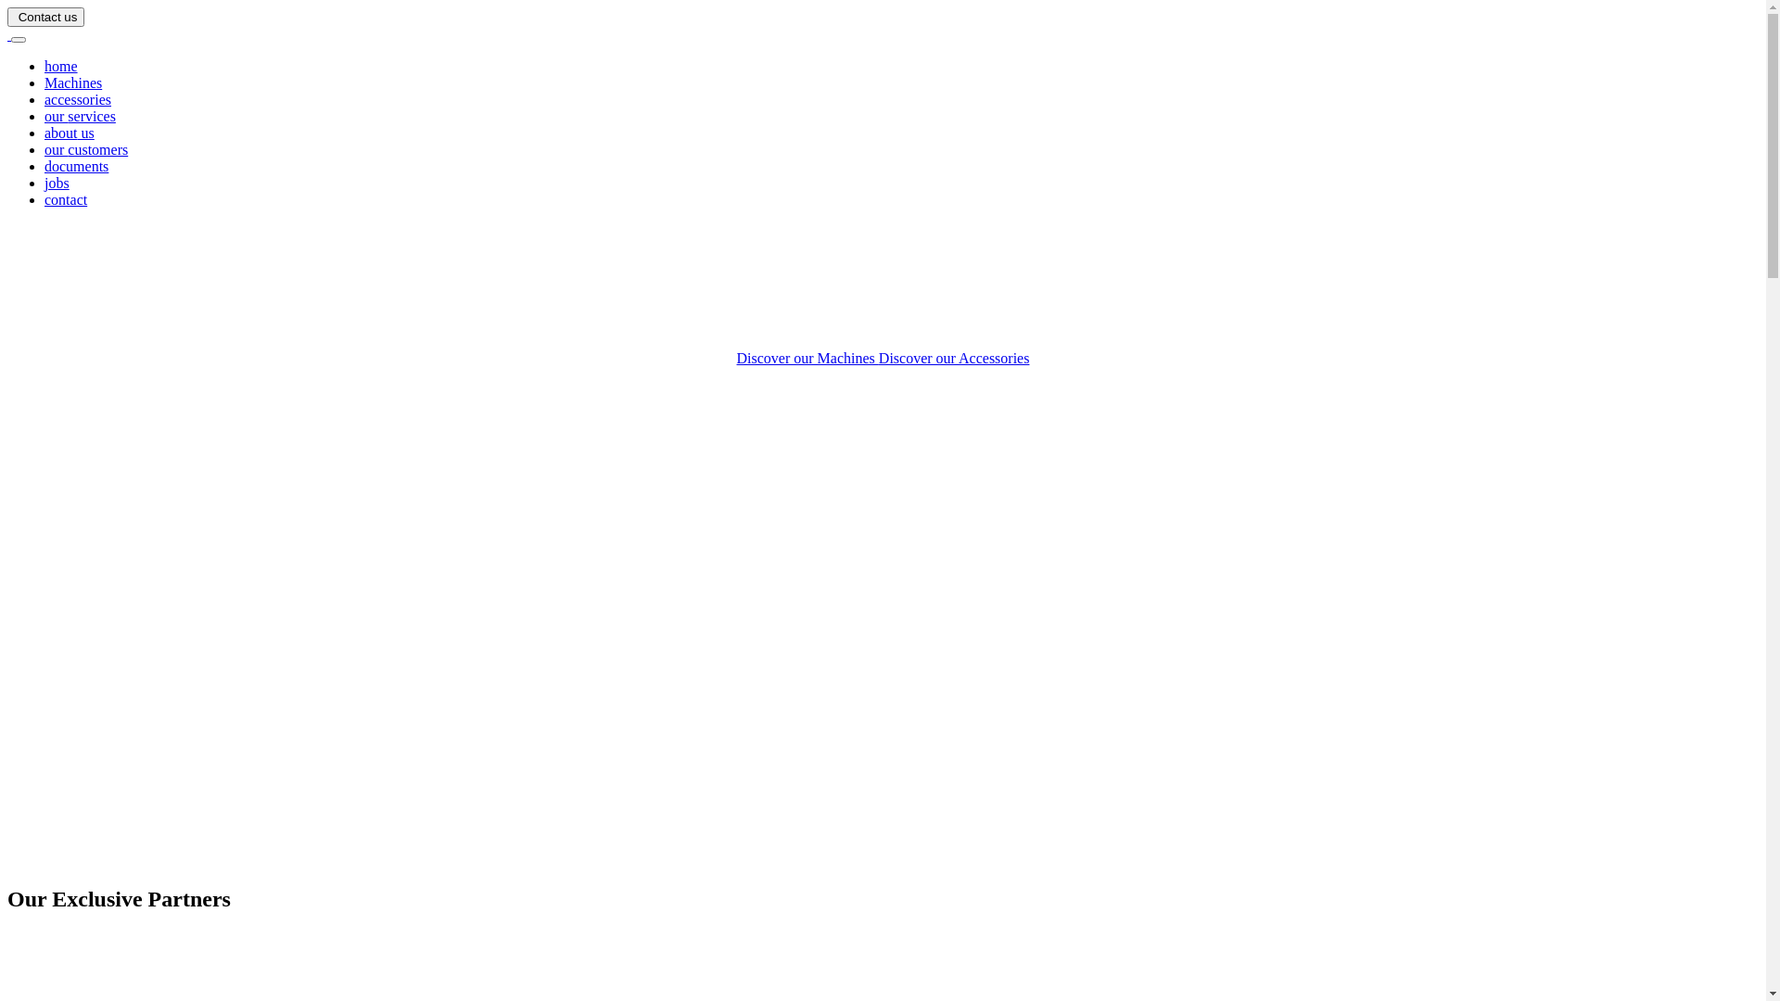 The width and height of the screenshot is (1780, 1001). What do you see at coordinates (76, 99) in the screenshot?
I see `'accessories'` at bounding box center [76, 99].